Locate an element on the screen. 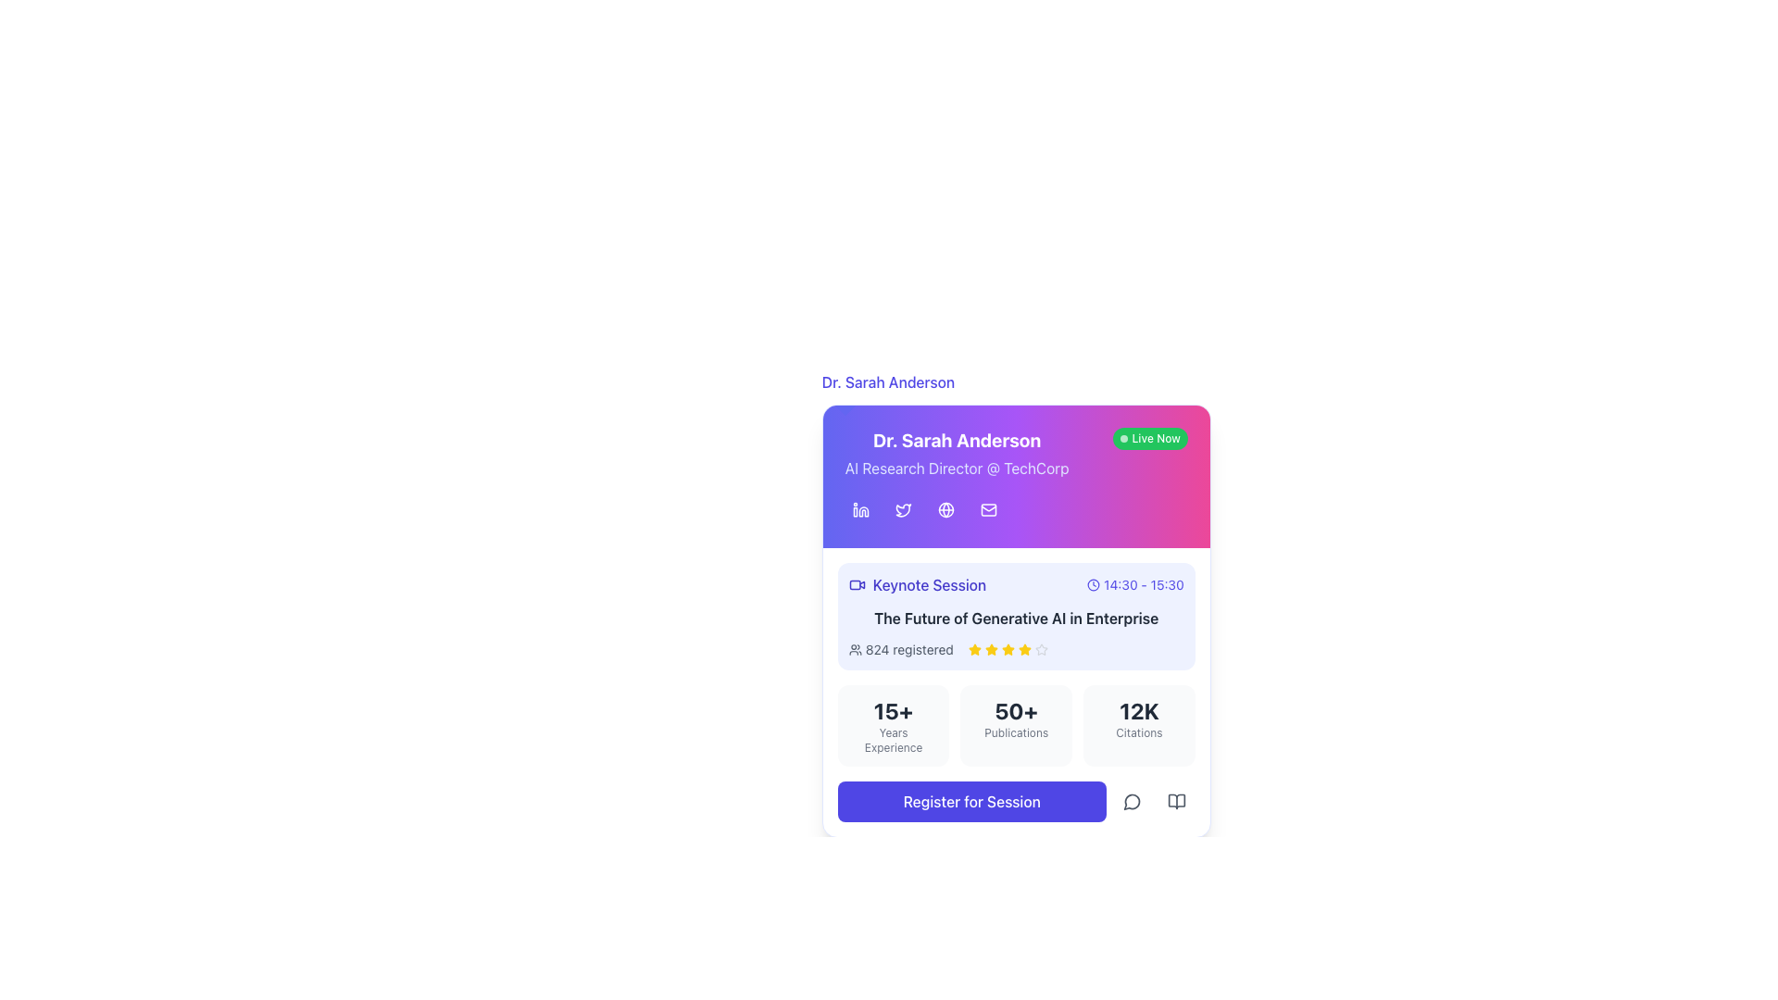  the mail or envelope icon located in the profile card under 'Dr. Sarah Anderson' is located at coordinates (987, 510).